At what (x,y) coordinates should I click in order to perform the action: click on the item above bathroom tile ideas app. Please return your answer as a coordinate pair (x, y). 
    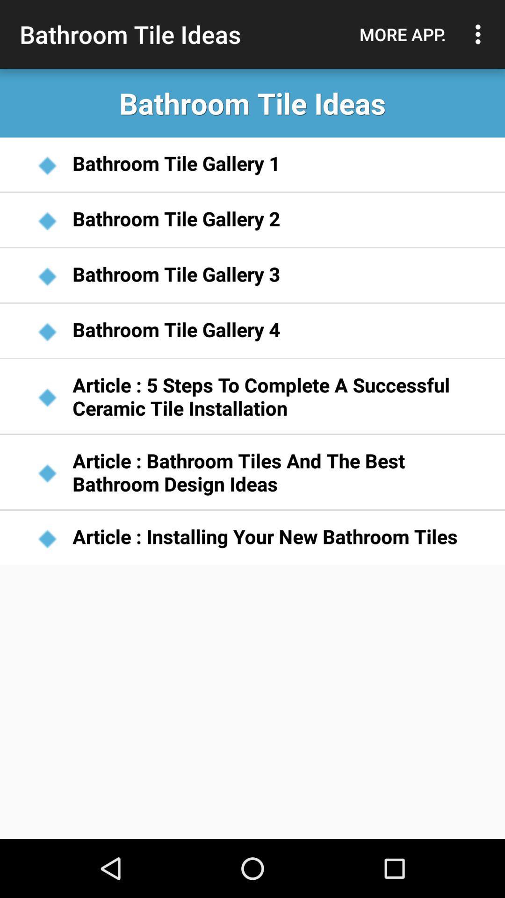
    Looking at the image, I should click on (402, 34).